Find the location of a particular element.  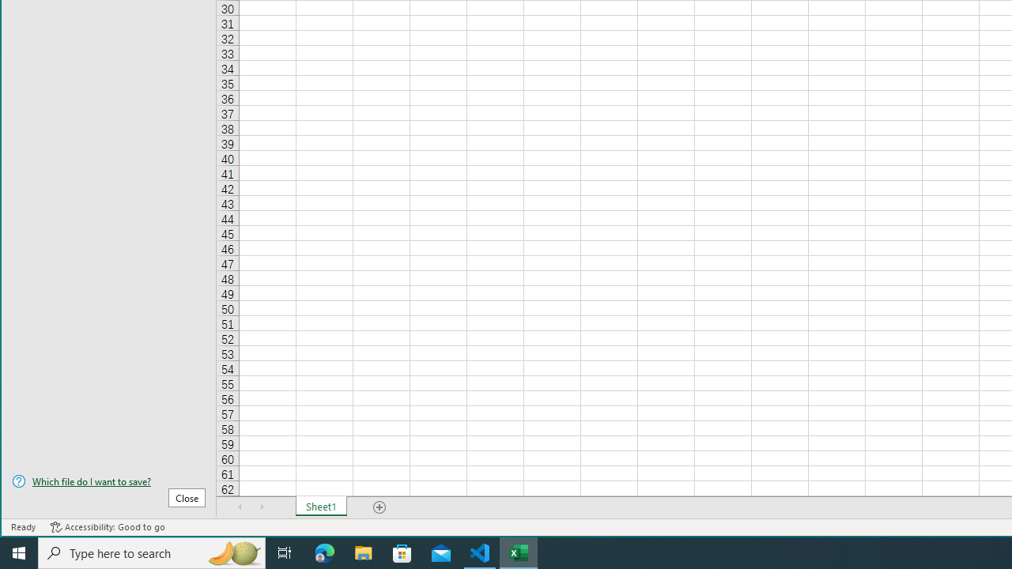

'Search highlights icon opens search home window' is located at coordinates (232, 552).